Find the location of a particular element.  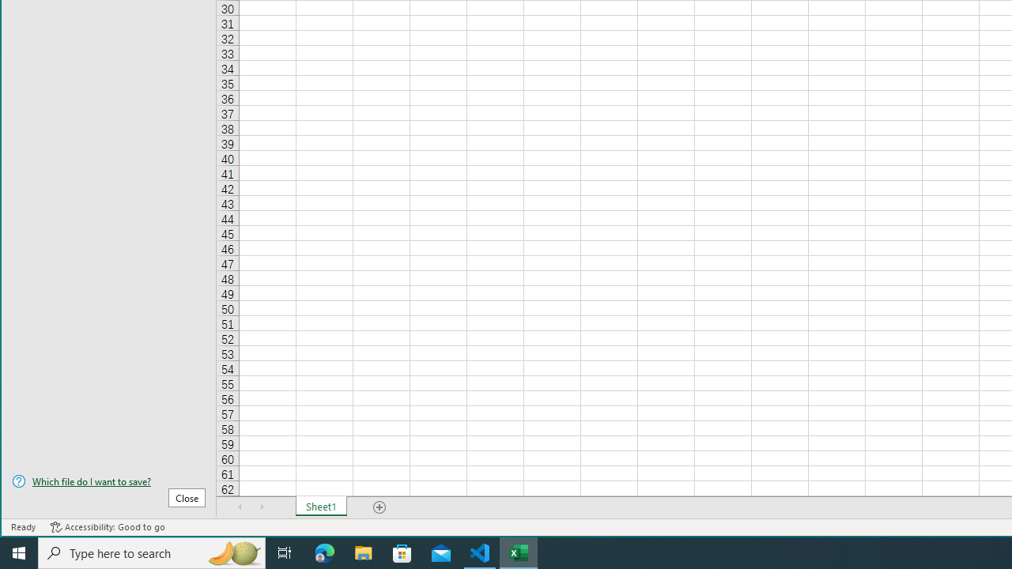

'Search highlights icon opens search home window' is located at coordinates (232, 552).